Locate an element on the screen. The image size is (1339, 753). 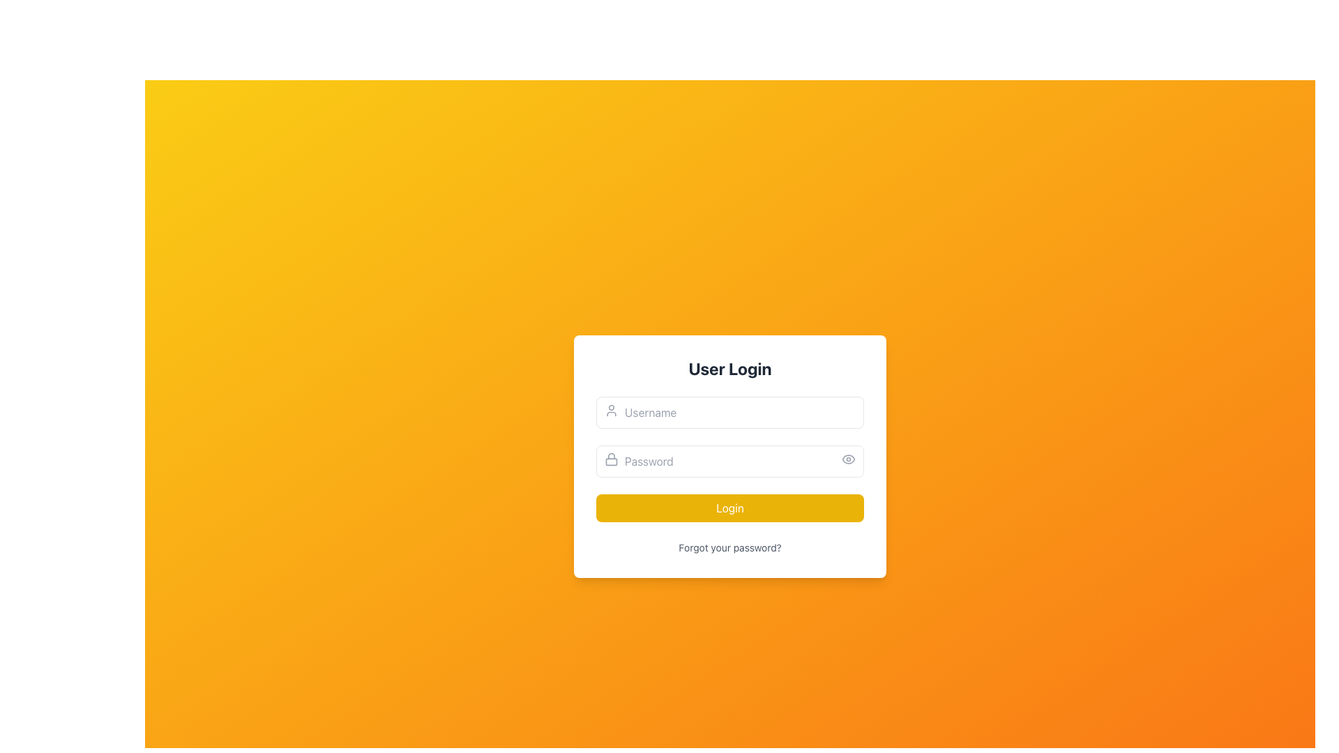
the password visibility toggle button located on the right side of the password input field under the 'User Login' heading is located at coordinates (848, 459).